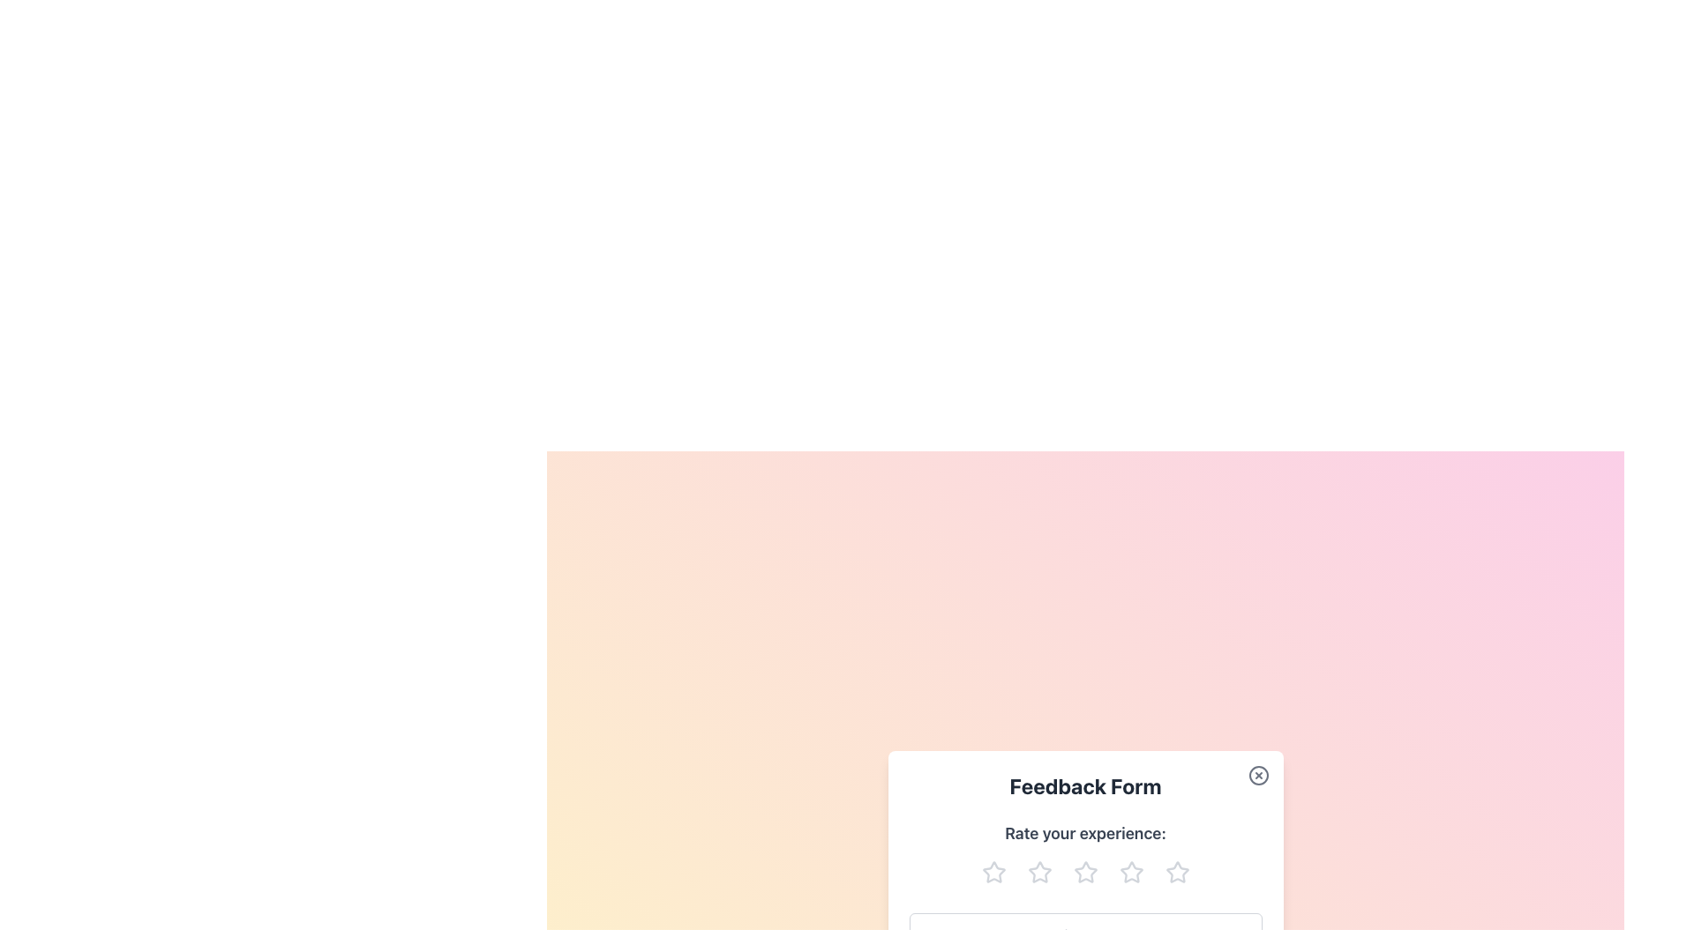  What do you see at coordinates (1177, 871) in the screenshot?
I see `the fifth star icon in the rating component of the 'Feedback Form' popup for visual feedback` at bounding box center [1177, 871].